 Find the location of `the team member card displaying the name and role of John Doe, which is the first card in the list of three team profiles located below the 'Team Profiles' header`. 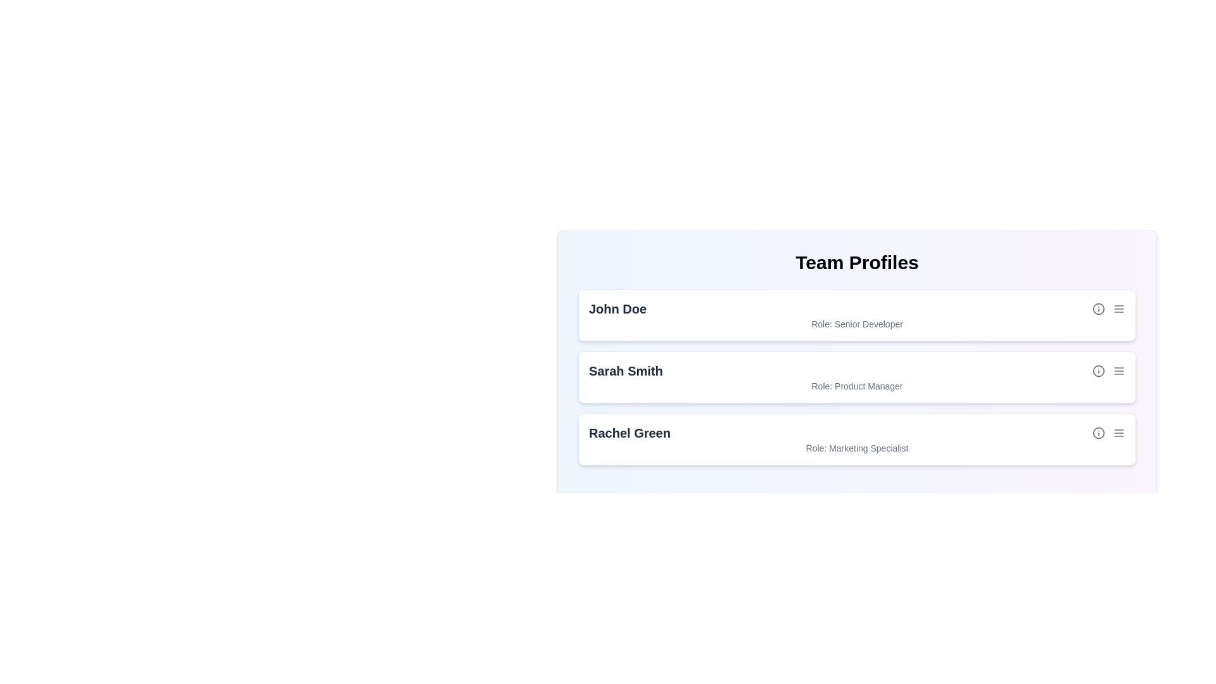

the team member card displaying the name and role of John Doe, which is the first card in the list of three team profiles located below the 'Team Profiles' header is located at coordinates (857, 314).